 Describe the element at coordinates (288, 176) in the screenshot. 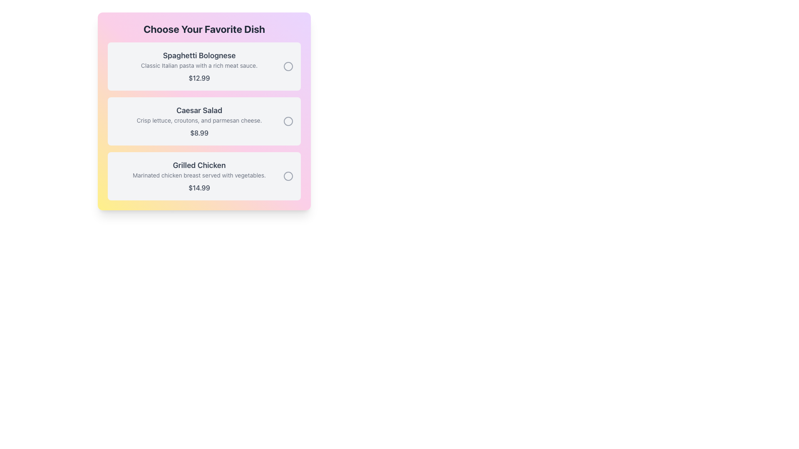

I see `the radio button for 'Grilled Chicken' to invoke the context menu` at that location.